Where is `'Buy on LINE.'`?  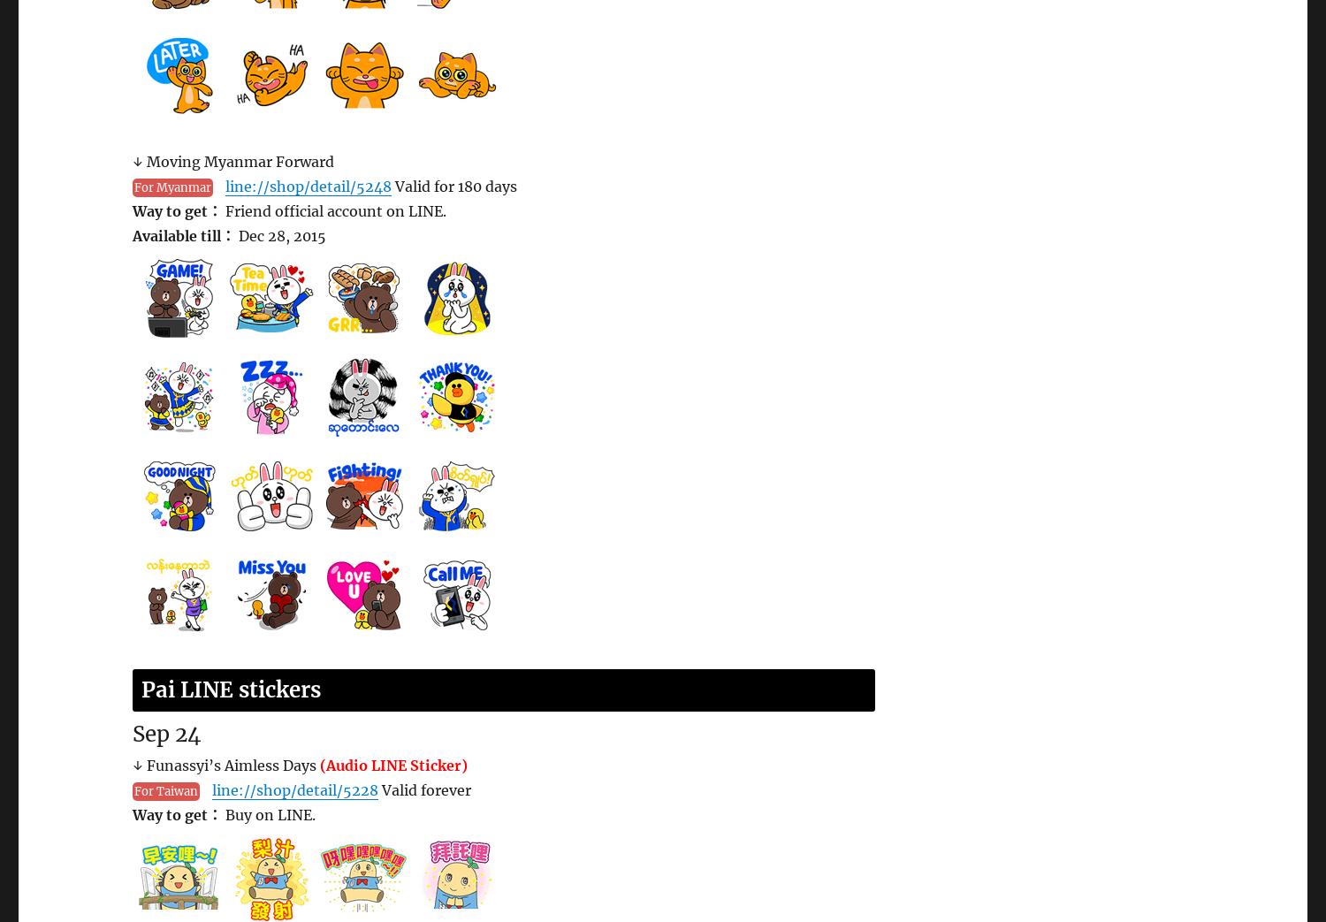 'Buy on LINE.' is located at coordinates (269, 814).